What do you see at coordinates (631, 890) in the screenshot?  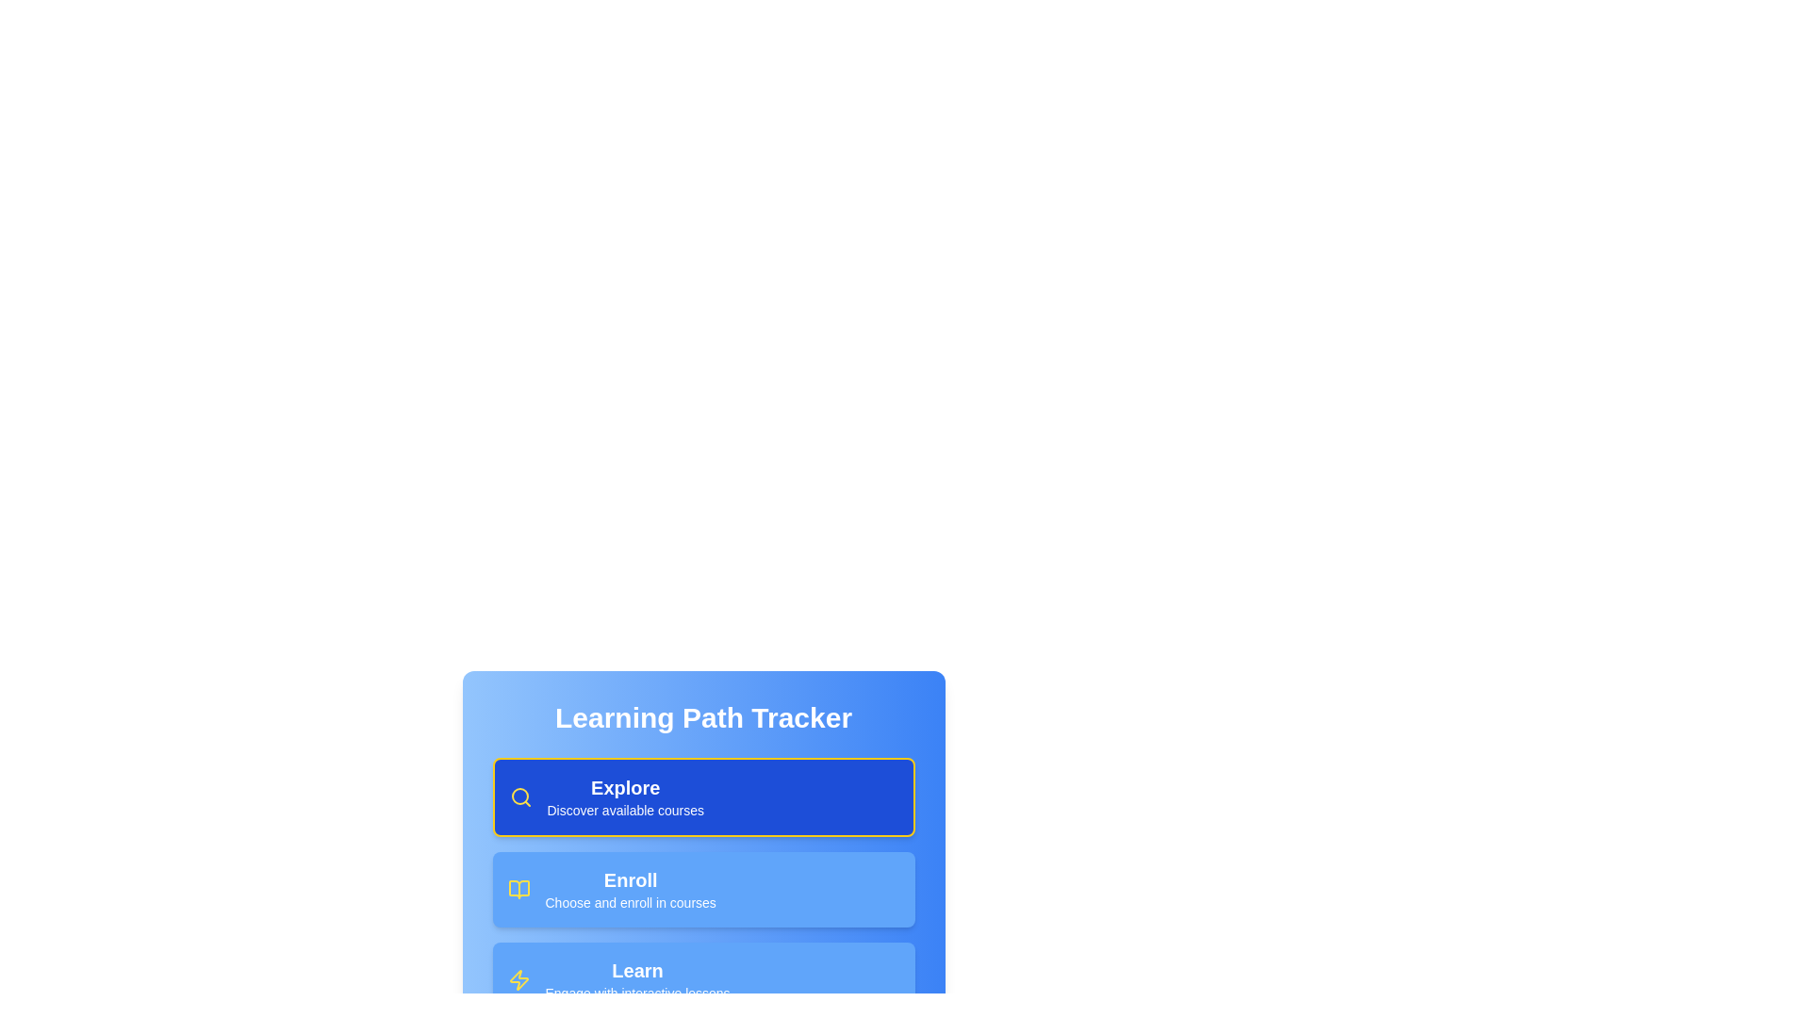 I see `the 'Enroll' text block, which displays 'Enroll' in bold and larger font on a blue background, located below the 'Explore' section and above the 'Learn' section` at bounding box center [631, 890].